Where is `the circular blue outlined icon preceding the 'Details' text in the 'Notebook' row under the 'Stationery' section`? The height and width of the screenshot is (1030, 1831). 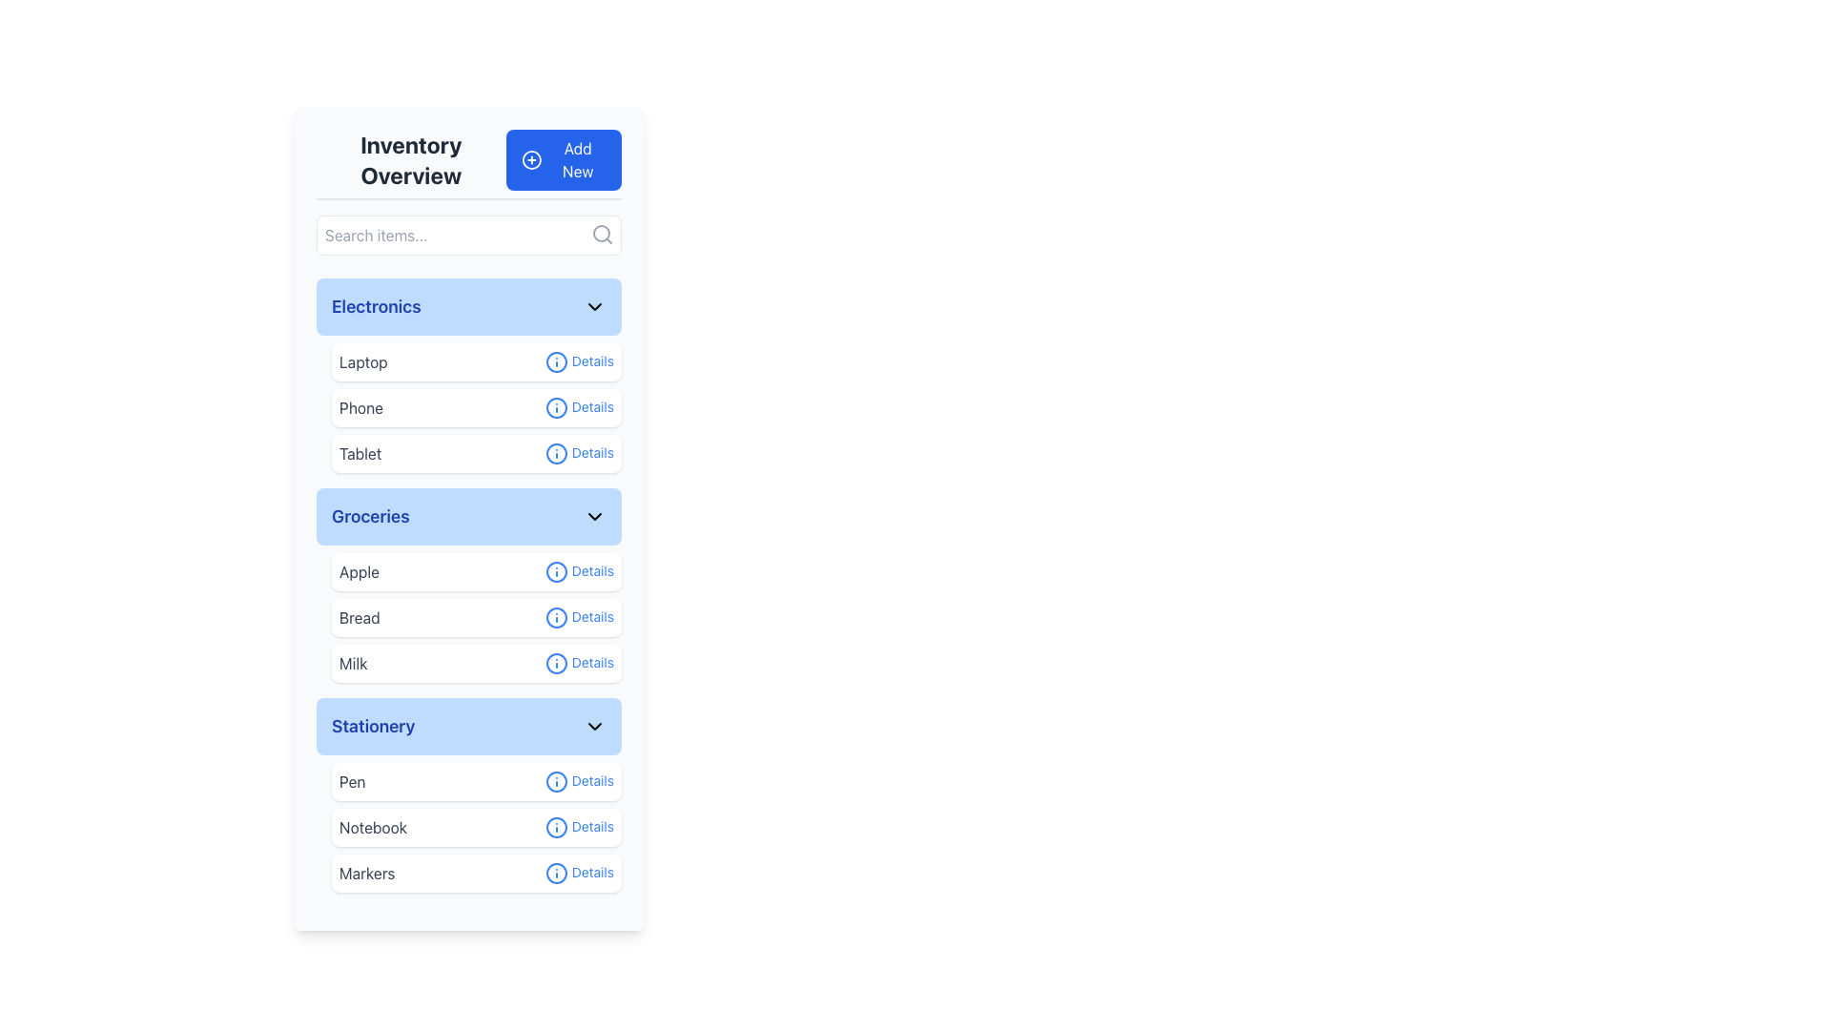 the circular blue outlined icon preceding the 'Details' text in the 'Notebook' row under the 'Stationery' section is located at coordinates (555, 826).